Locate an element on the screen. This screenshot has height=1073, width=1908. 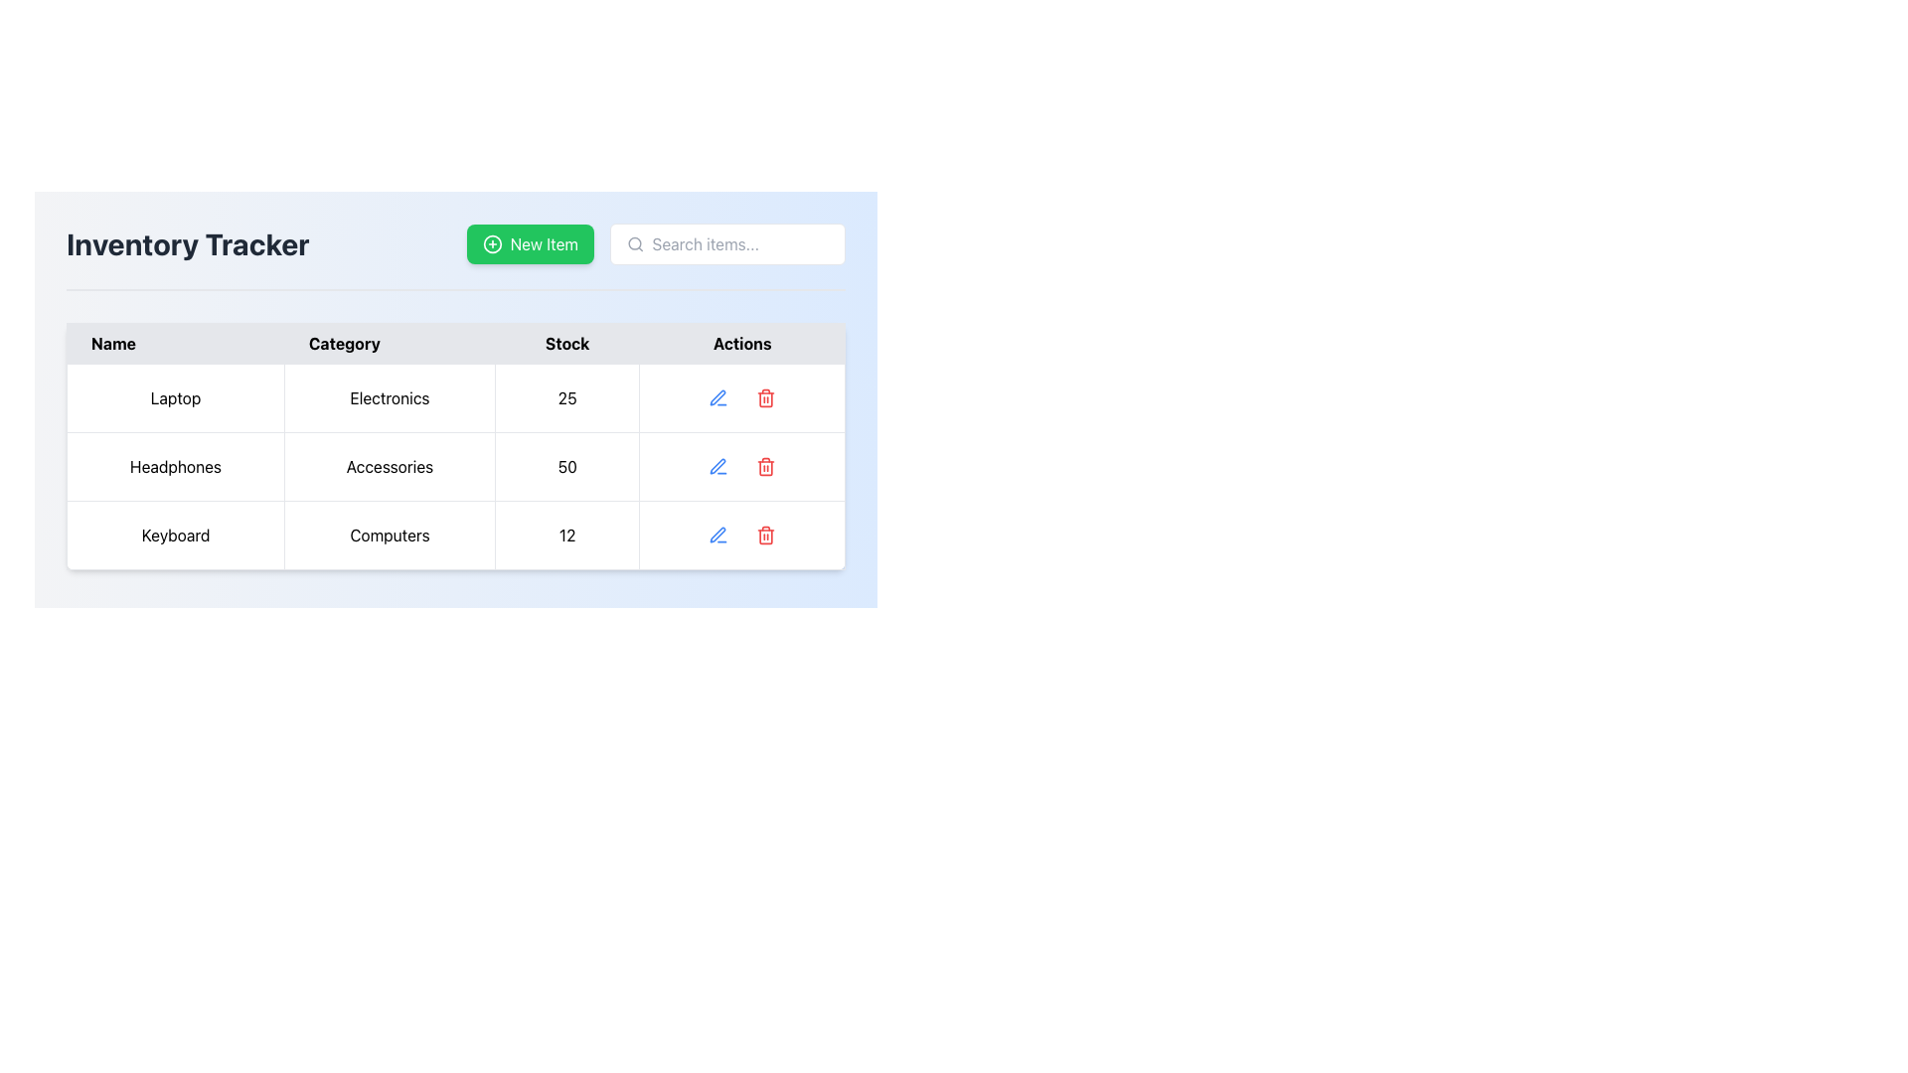
the 'Headphones' text label in the first column of the second row under the 'Name' header is located at coordinates (176, 467).